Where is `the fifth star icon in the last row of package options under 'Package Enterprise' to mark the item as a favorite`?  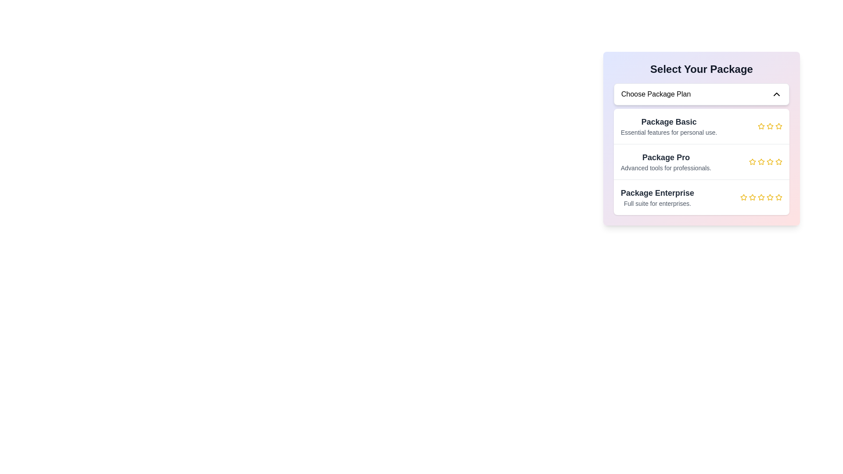 the fifth star icon in the last row of package options under 'Package Enterprise' to mark the item as a favorite is located at coordinates (778, 196).